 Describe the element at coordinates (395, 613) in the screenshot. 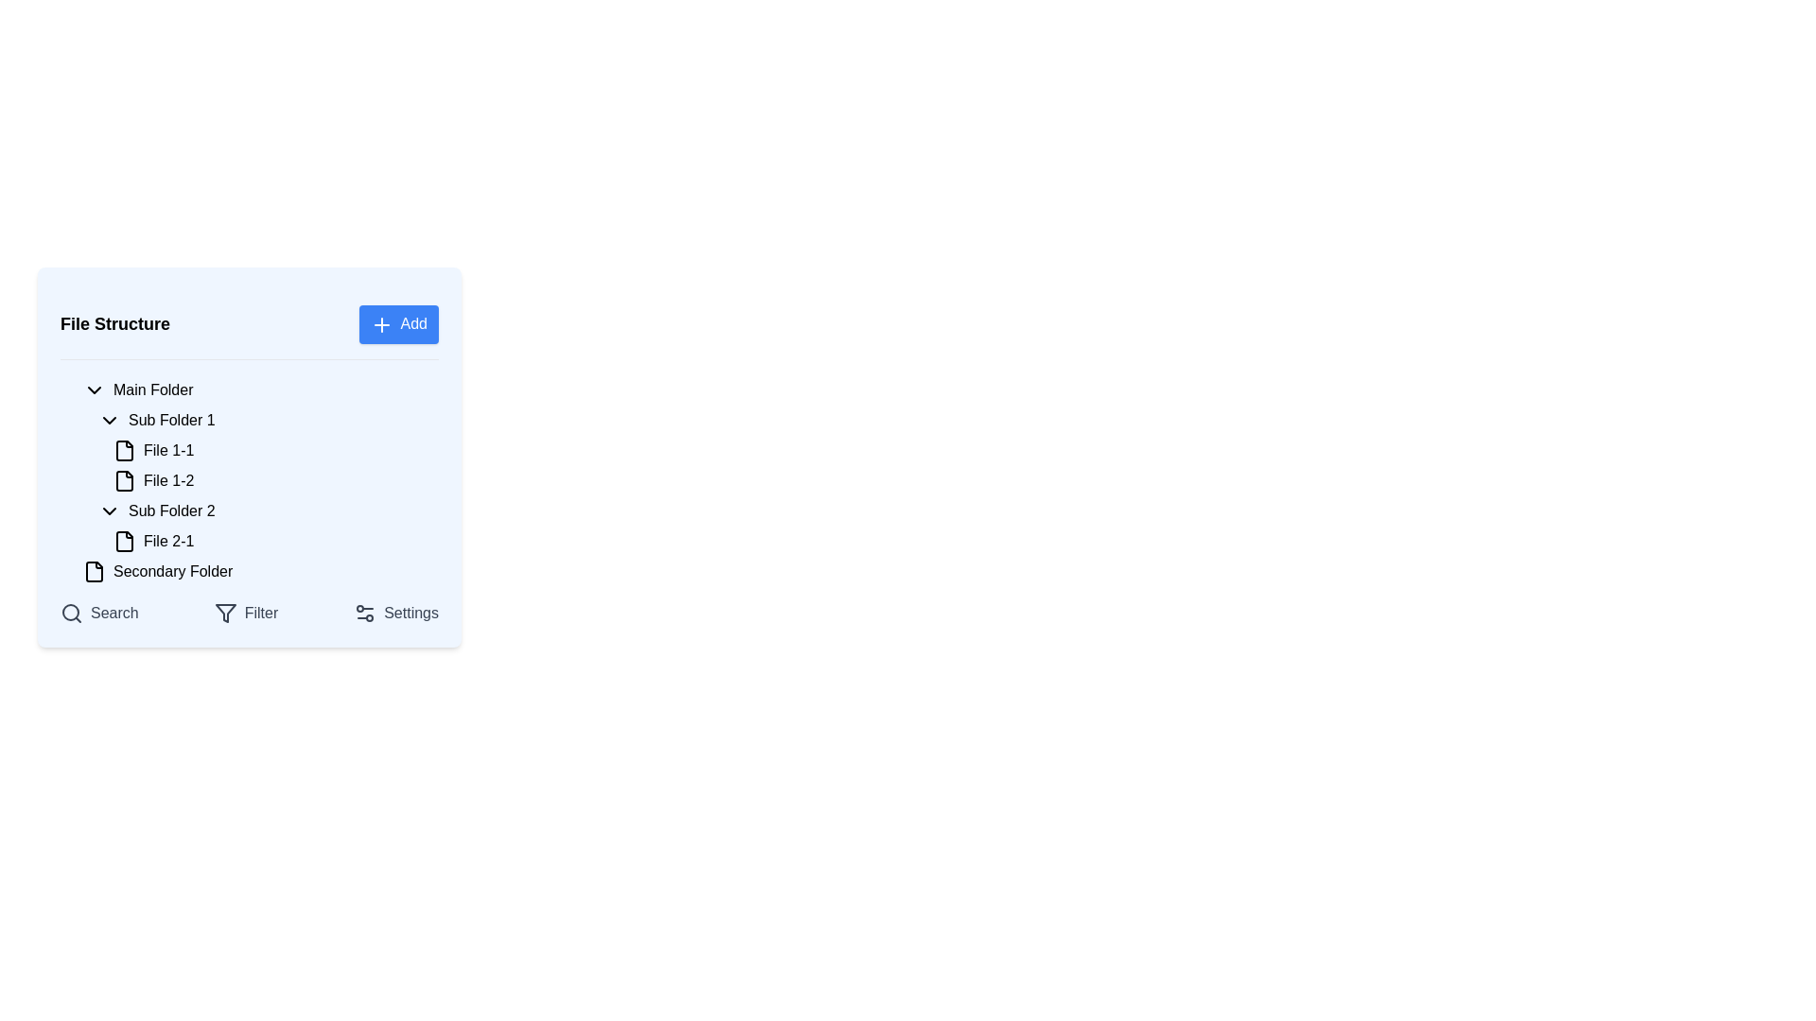

I see `the 'Settings' button, which features an icon of two sliders and is positioned on the far right of a horizontal row of buttons` at that location.